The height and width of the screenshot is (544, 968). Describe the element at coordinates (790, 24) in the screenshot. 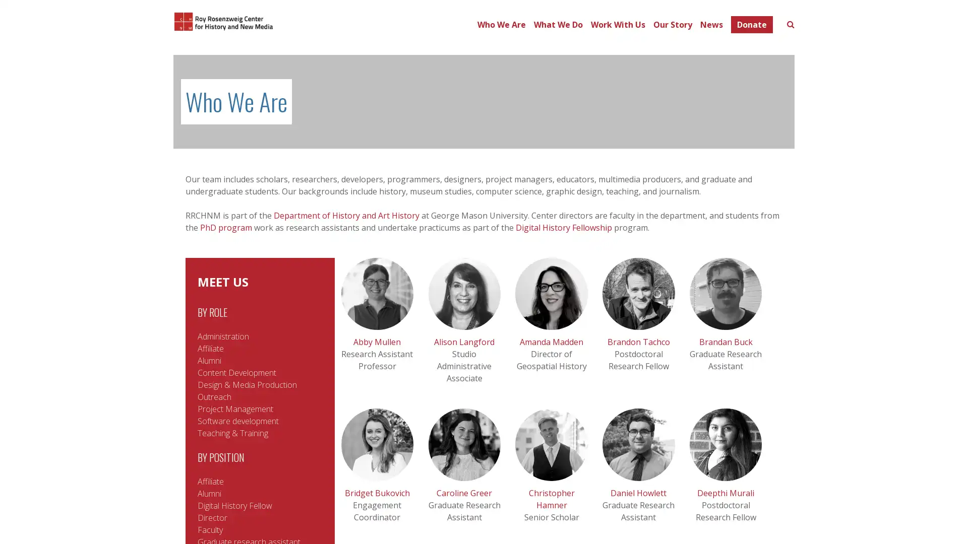

I see `Toggle search form` at that location.